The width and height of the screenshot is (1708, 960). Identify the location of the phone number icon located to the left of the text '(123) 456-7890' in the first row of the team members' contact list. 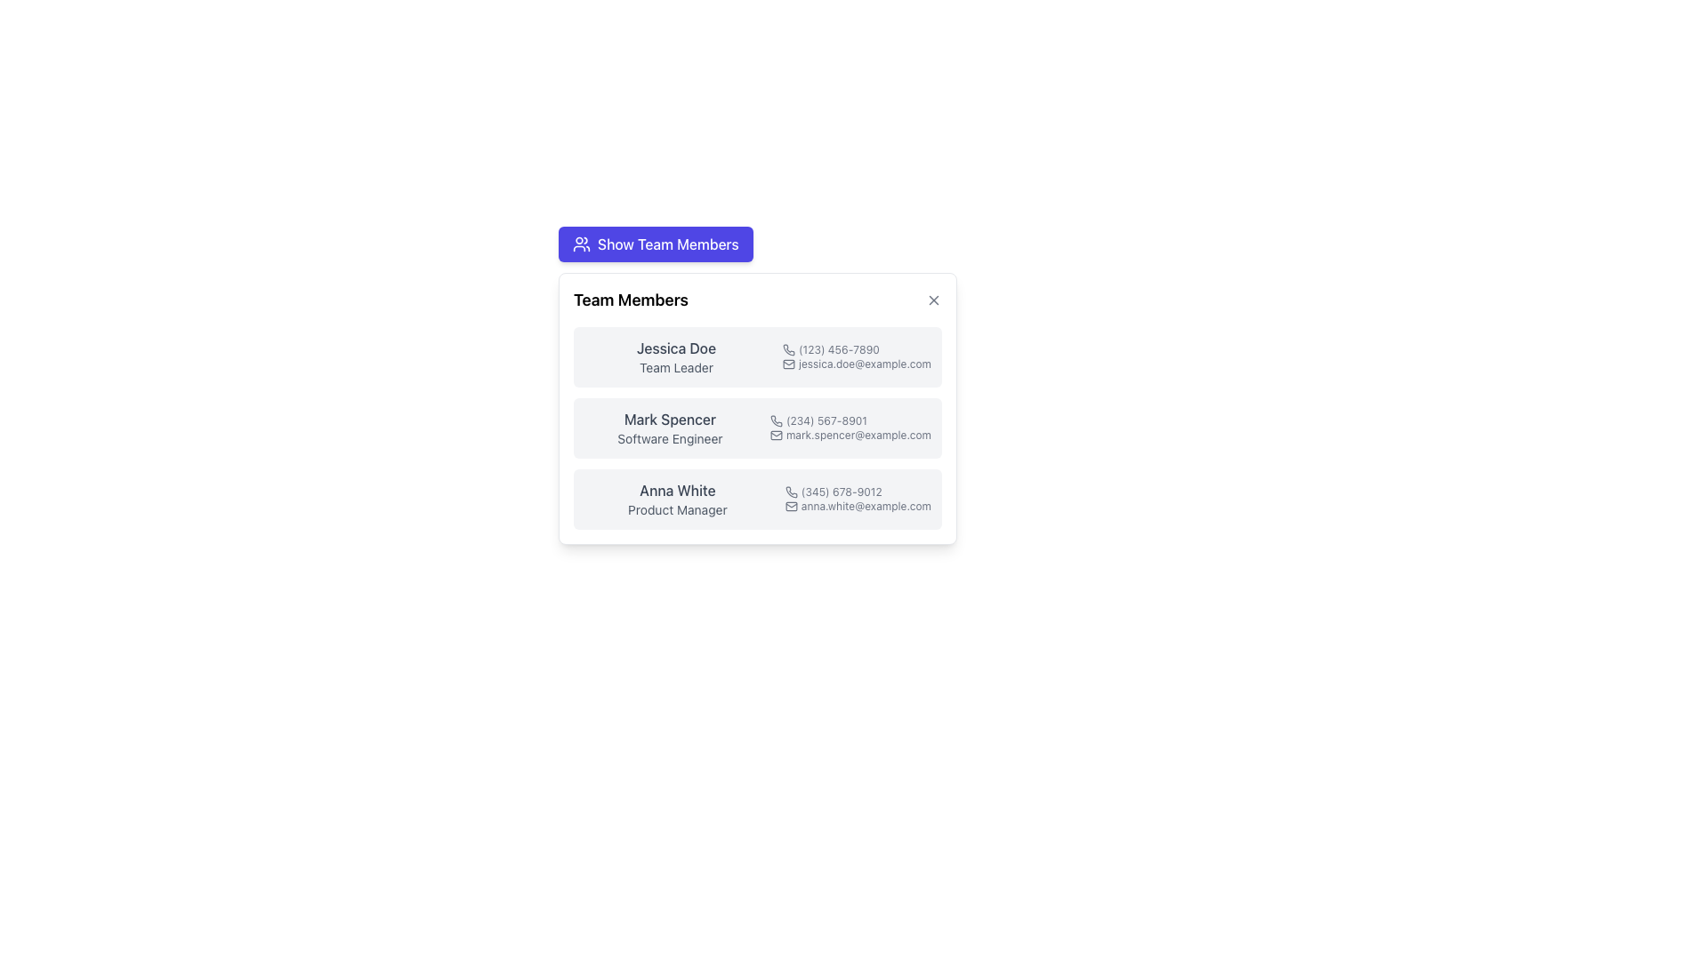
(788, 349).